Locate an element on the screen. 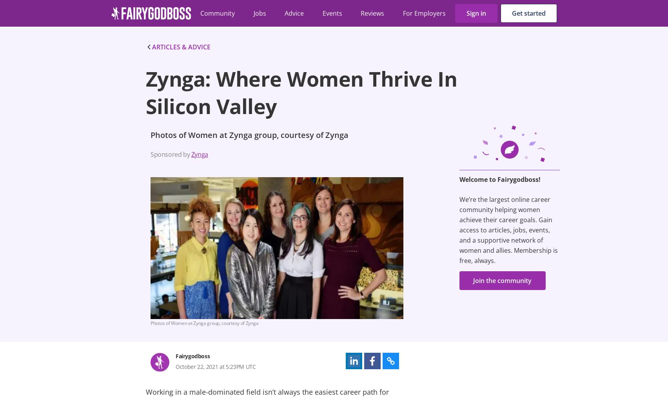 The height and width of the screenshot is (399, 668). 'Join the community' is located at coordinates (502, 280).